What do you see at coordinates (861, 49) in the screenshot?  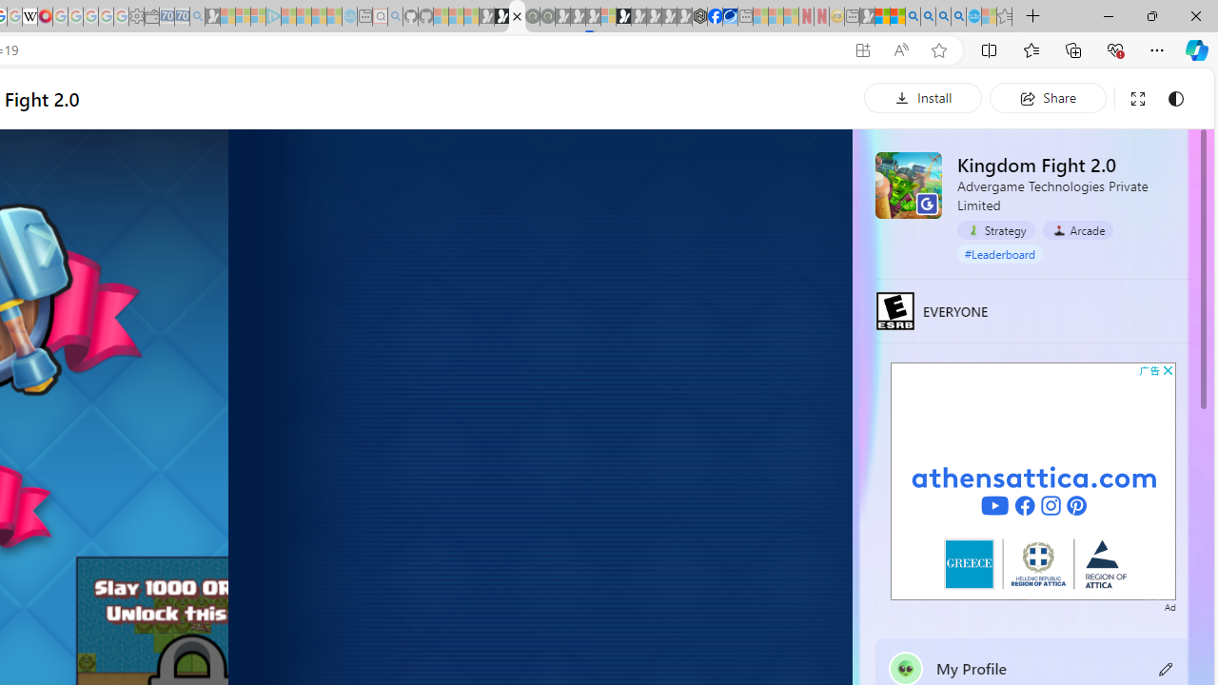 I see `'App available. Install Kingdom Fight 2.0'` at bounding box center [861, 49].